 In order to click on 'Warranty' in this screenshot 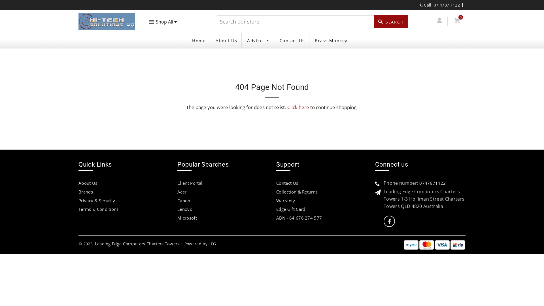, I will do `click(286, 200)`.